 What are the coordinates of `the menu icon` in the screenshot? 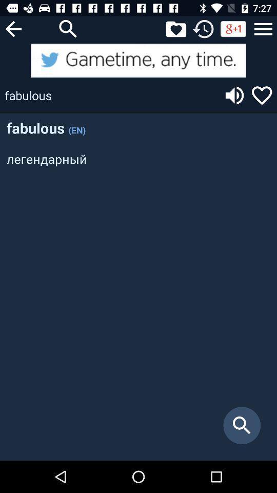 It's located at (263, 28).